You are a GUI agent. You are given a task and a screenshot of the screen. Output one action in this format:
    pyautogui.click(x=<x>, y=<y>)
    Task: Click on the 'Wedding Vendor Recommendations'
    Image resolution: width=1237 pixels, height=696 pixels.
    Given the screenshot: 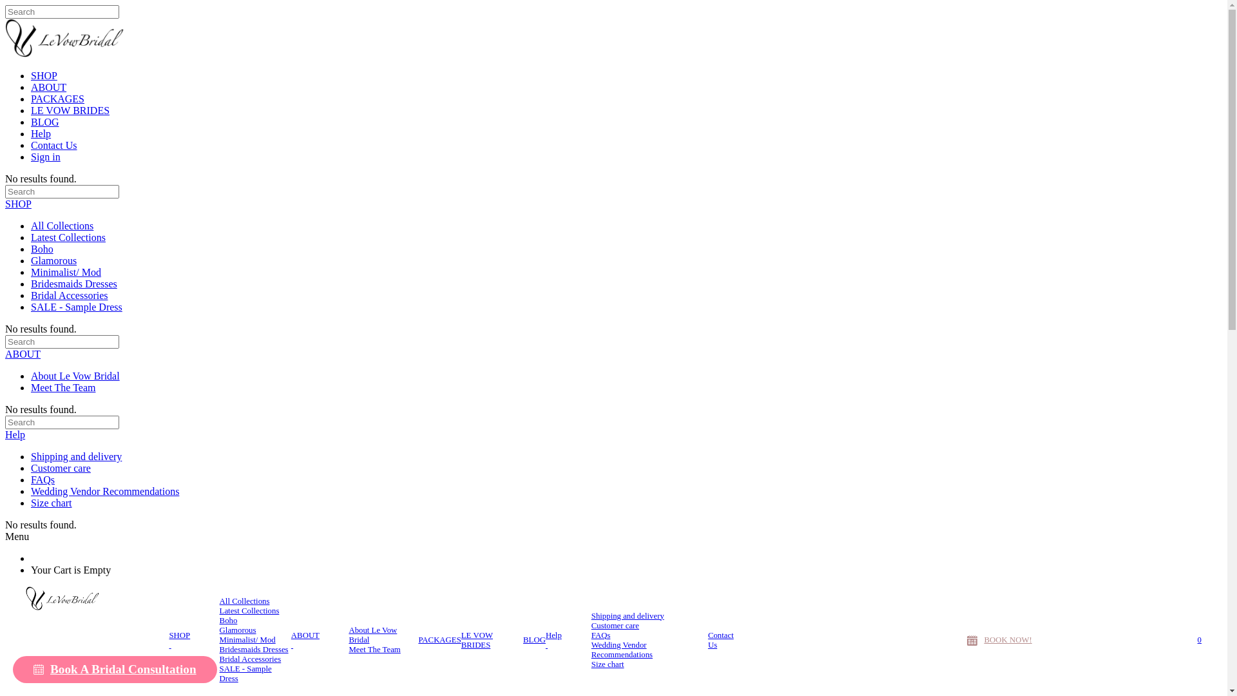 What is the action you would take?
    pyautogui.click(x=31, y=491)
    